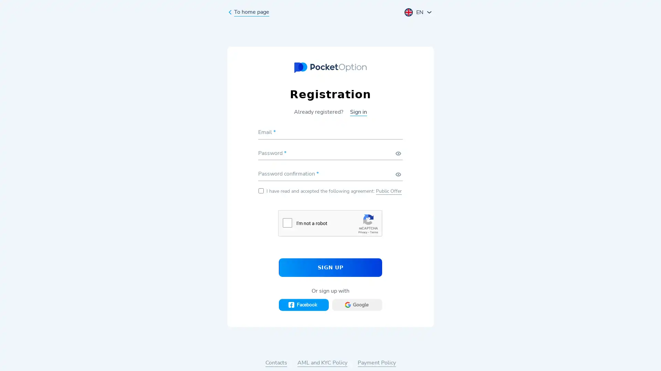 This screenshot has width=661, height=371. Describe the element at coordinates (330, 267) in the screenshot. I see `SIGN UP` at that location.